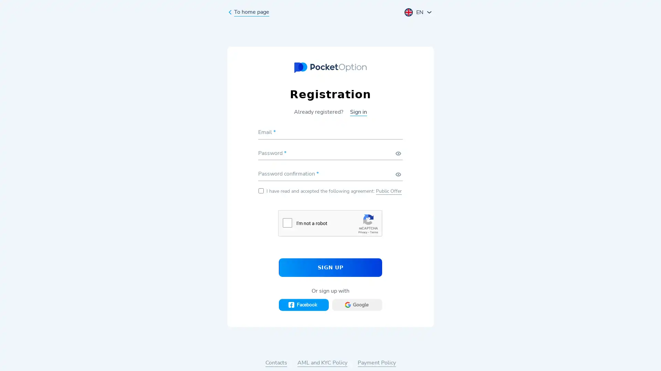 This screenshot has width=661, height=371. Describe the element at coordinates (330, 267) in the screenshot. I see `SIGN UP` at that location.